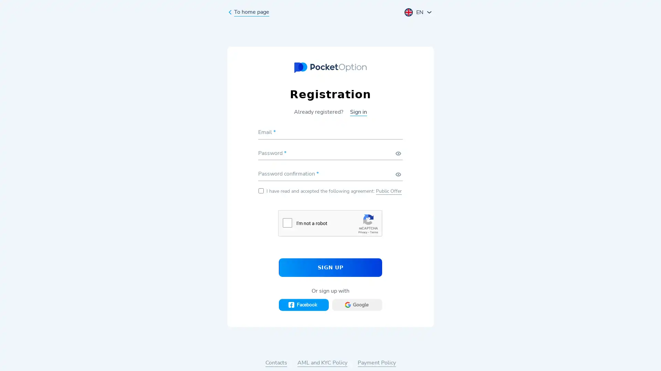 This screenshot has width=661, height=371. Describe the element at coordinates (330, 267) in the screenshot. I see `SIGN UP` at that location.